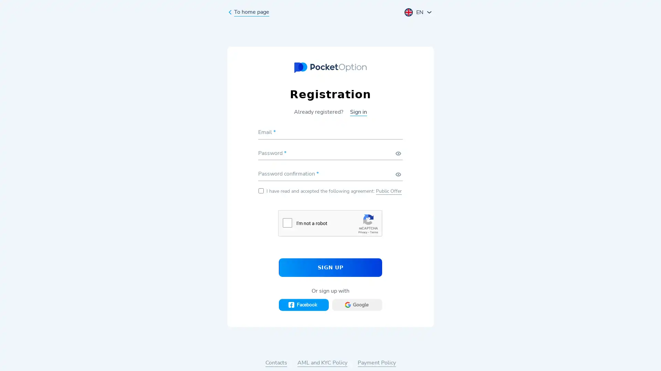 This screenshot has width=661, height=371. Describe the element at coordinates (330, 267) in the screenshot. I see `SIGN UP` at that location.